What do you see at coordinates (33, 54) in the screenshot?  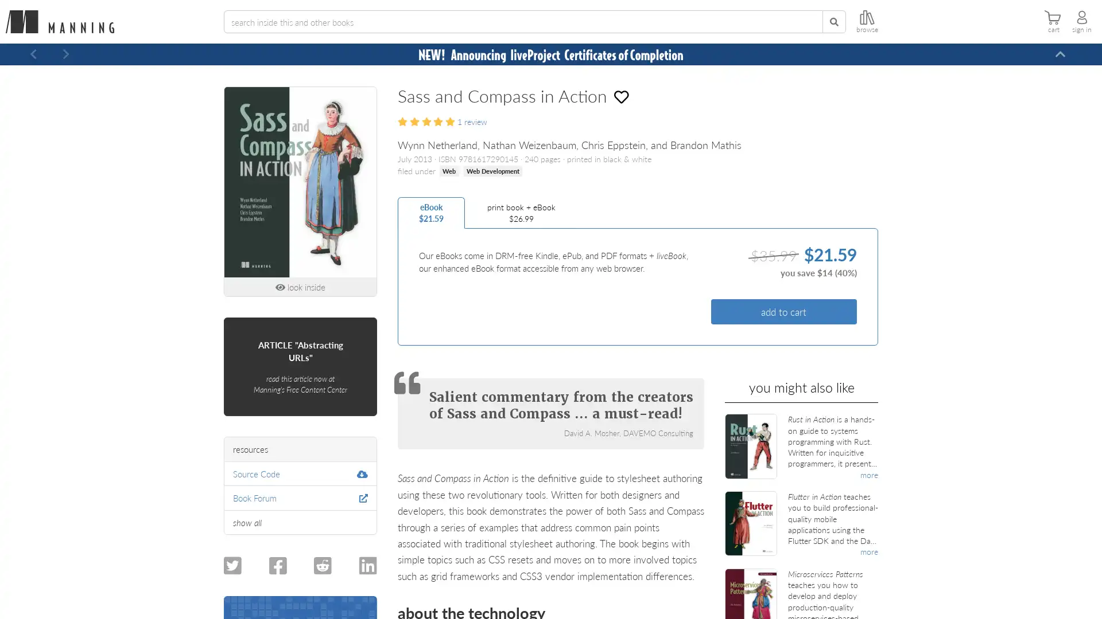 I see `Previous` at bounding box center [33, 54].